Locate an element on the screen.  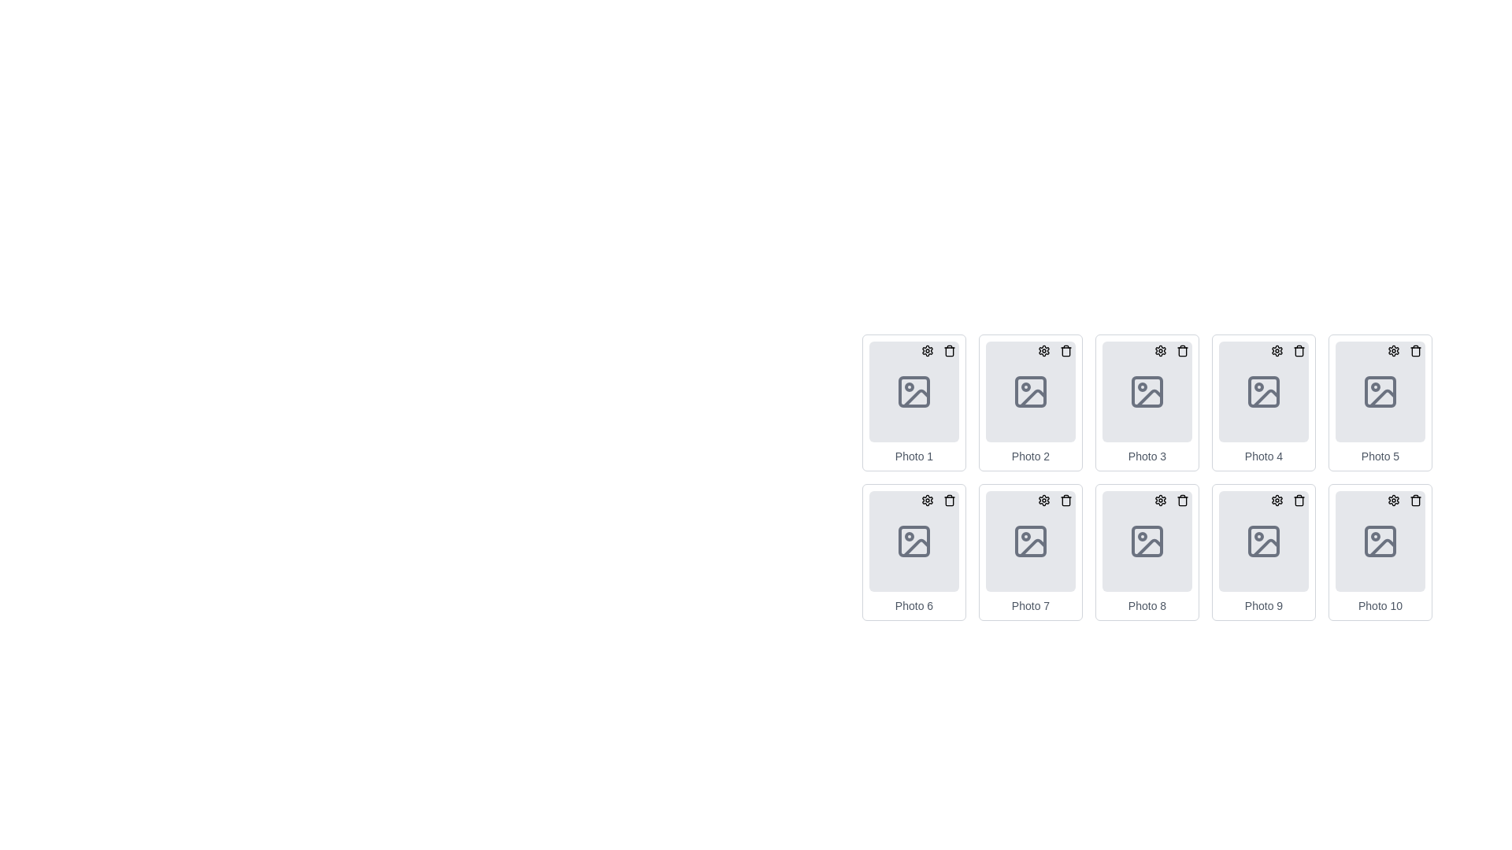
the trash icon button located in the top-right corner of the 'Photo 10' card is located at coordinates (1416, 501).